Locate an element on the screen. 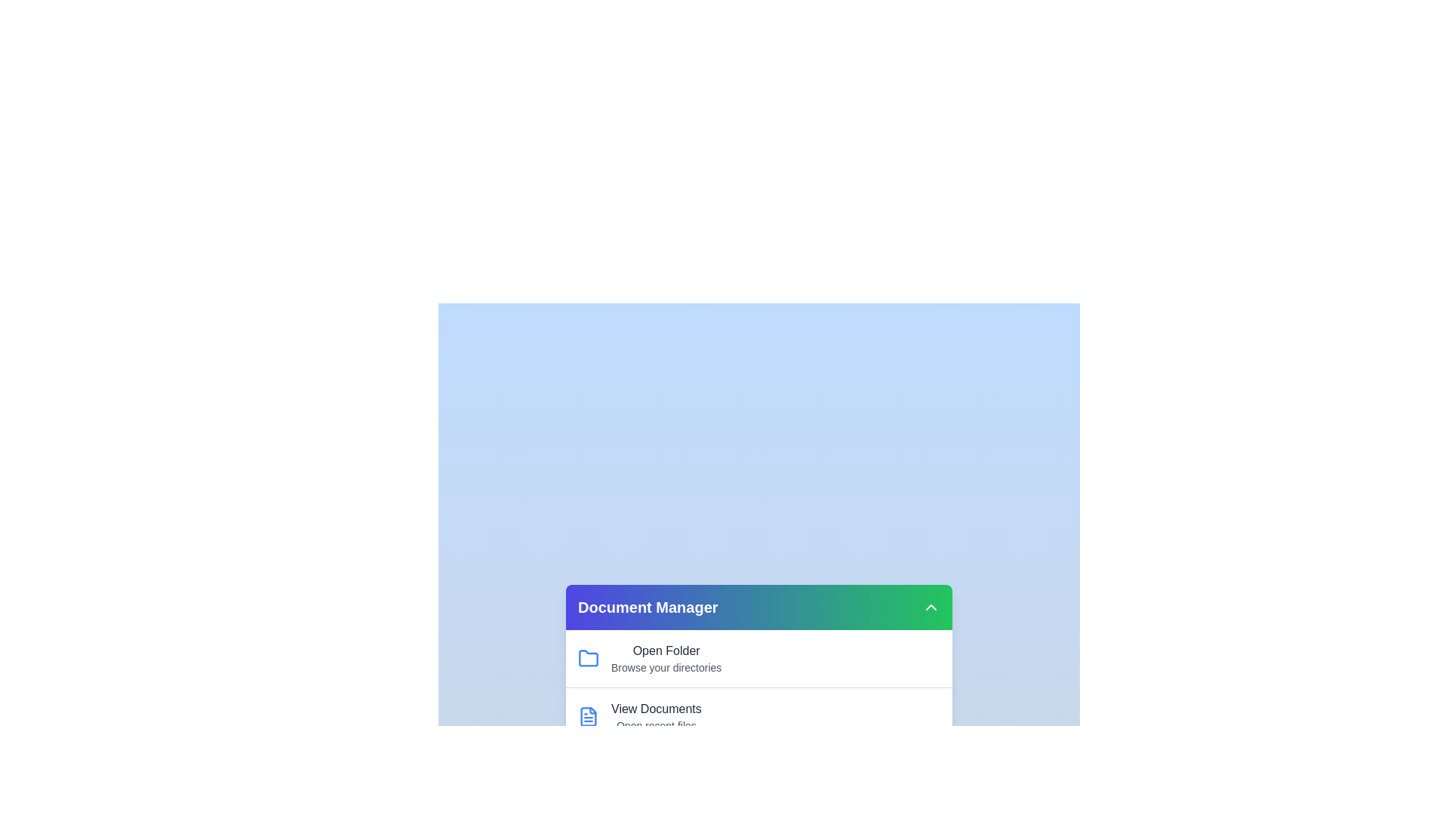  the menu item Open Folder is located at coordinates (666, 650).